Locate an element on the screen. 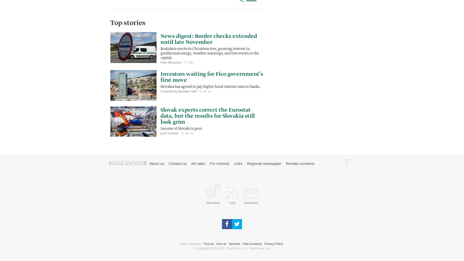 Image resolution: width=464 pixels, height=261 pixels. 'Revoke consents' is located at coordinates (300, 250).